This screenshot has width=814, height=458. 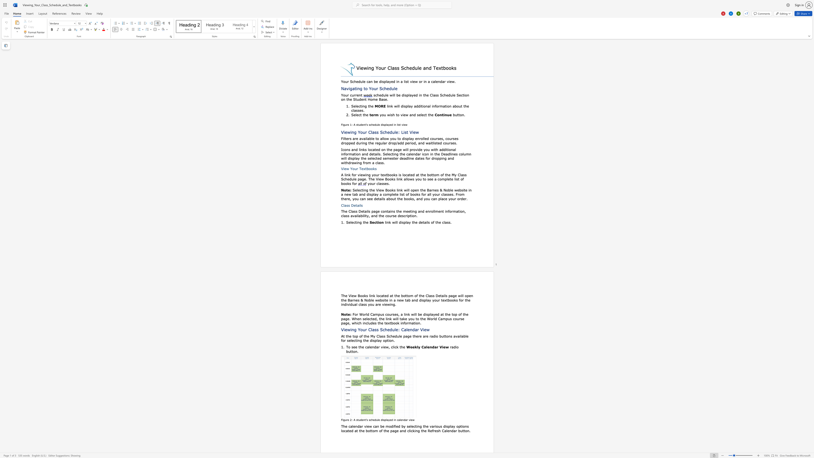 What do you see at coordinates (348, 351) in the screenshot?
I see `the space between the continuous character "b" and "u" in the text` at bounding box center [348, 351].